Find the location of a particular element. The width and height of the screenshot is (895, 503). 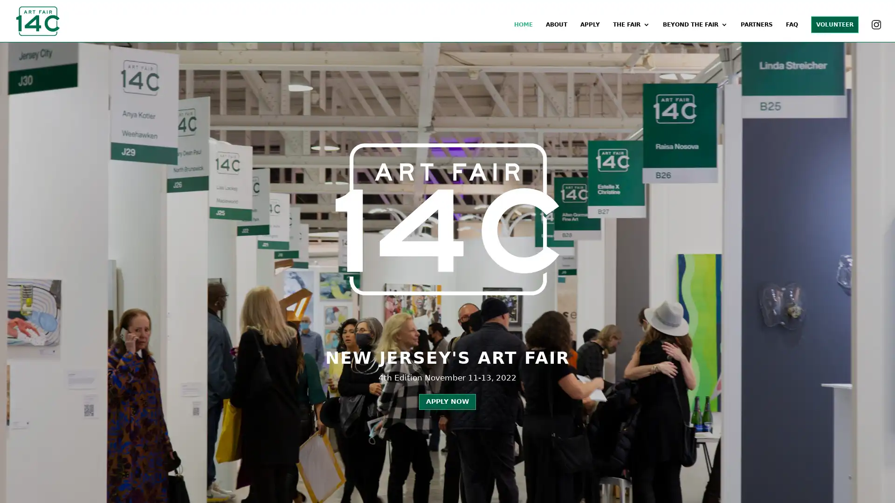

Sign Up! is located at coordinates (447, 456).